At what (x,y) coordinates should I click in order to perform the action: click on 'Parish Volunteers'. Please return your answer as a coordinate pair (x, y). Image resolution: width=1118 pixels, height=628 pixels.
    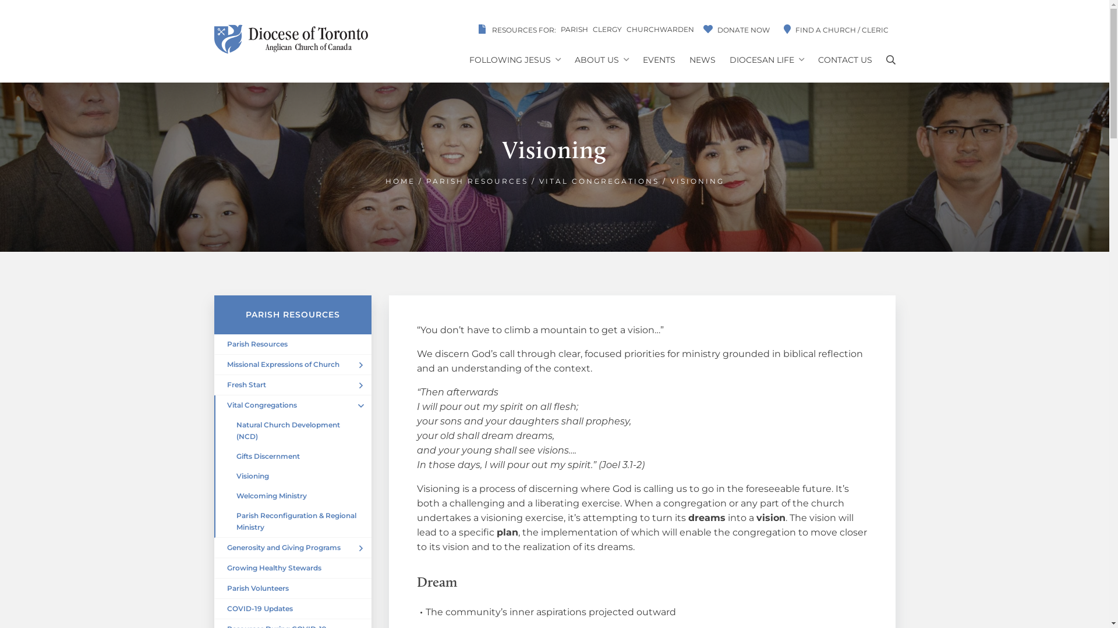
    Looking at the image, I should click on (214, 588).